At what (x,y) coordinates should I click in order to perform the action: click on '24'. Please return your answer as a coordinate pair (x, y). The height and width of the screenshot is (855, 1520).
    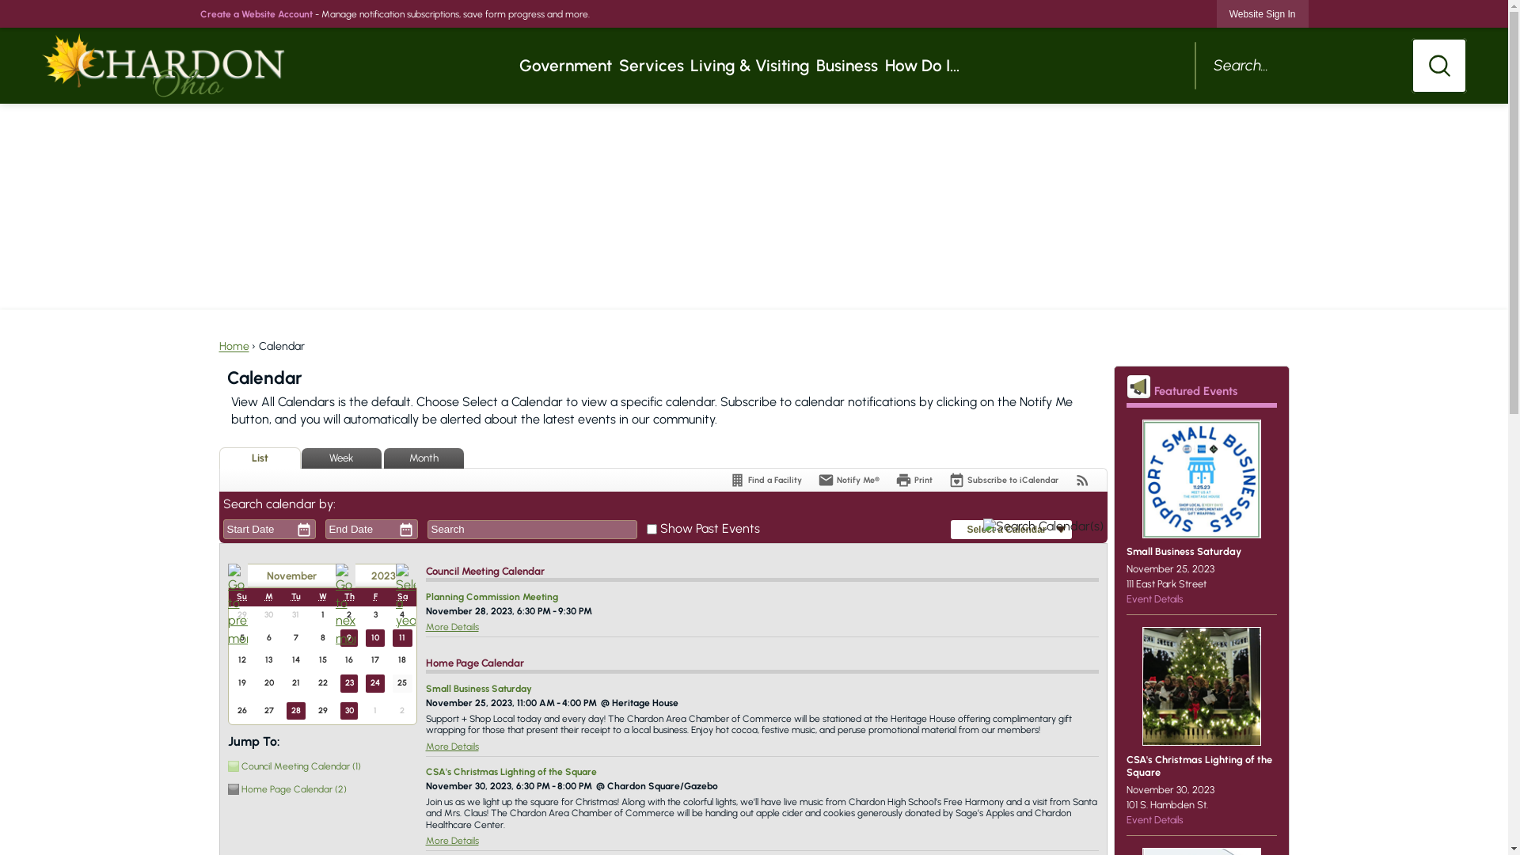
    Looking at the image, I should click on (374, 682).